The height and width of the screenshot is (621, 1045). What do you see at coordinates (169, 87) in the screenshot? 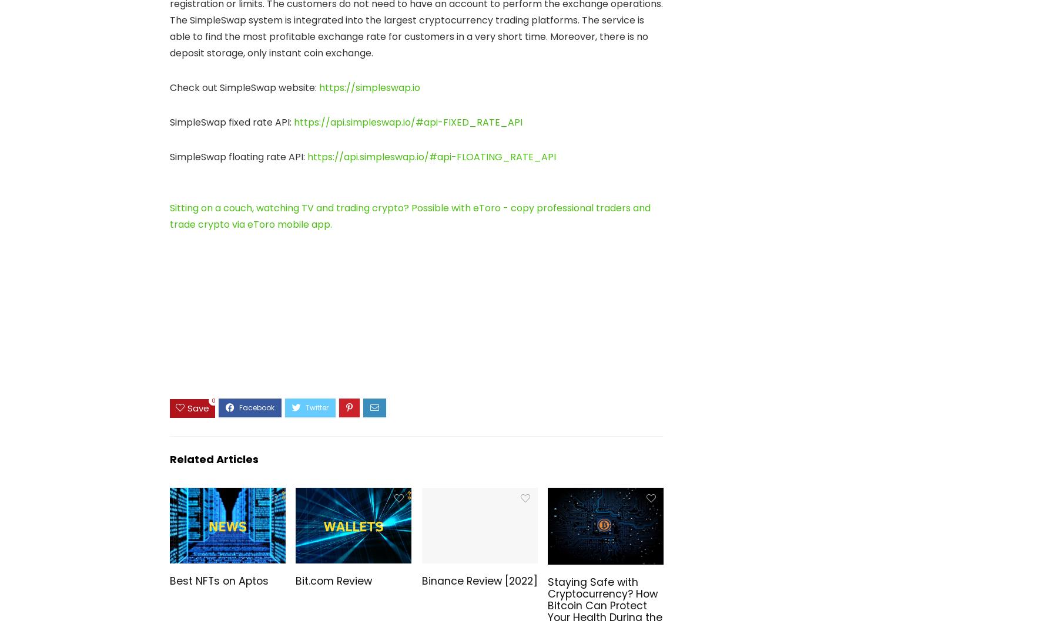
I see `'Check out SimpleSwap website:'` at bounding box center [169, 87].